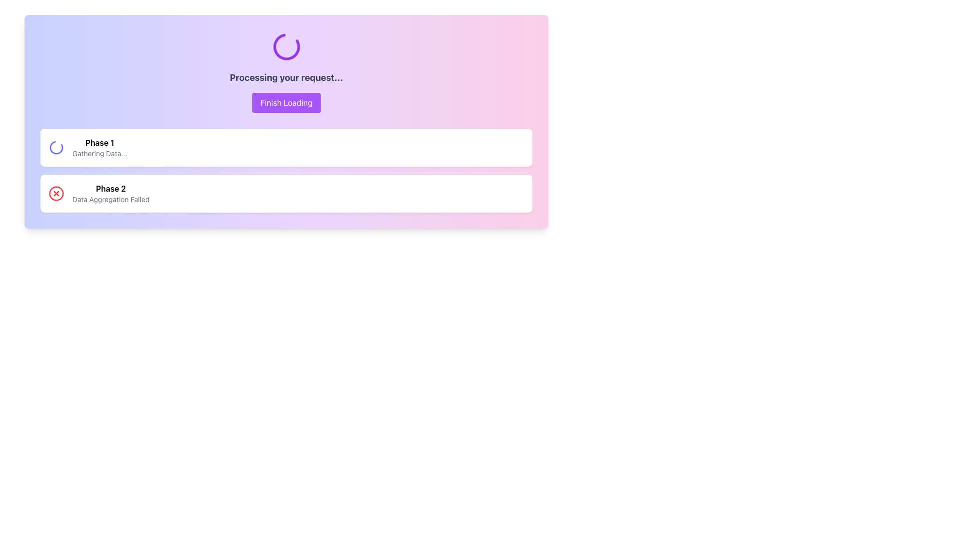 This screenshot has width=959, height=539. I want to click on the static text label that displays the current status or phase of an operation, indicating progress or activity in 'Phase 1', located below the heading 'Phase 1' inside a white rectangular area on the left side of the interface, so click(99, 154).